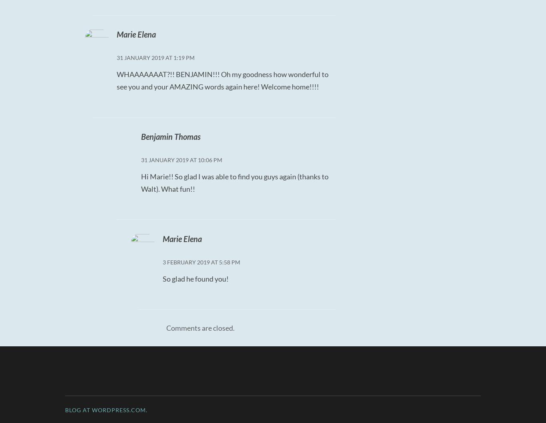 This screenshot has height=423, width=546. What do you see at coordinates (200, 328) in the screenshot?
I see `'Comments are closed.'` at bounding box center [200, 328].